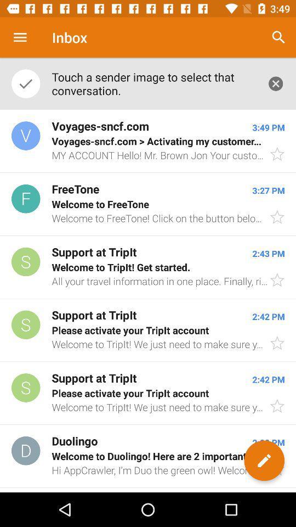 Image resolution: width=296 pixels, height=527 pixels. Describe the element at coordinates (153, 83) in the screenshot. I see `touch a sender icon` at that location.